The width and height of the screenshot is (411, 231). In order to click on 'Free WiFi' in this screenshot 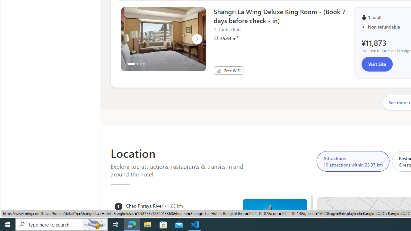, I will do `click(219, 70)`.